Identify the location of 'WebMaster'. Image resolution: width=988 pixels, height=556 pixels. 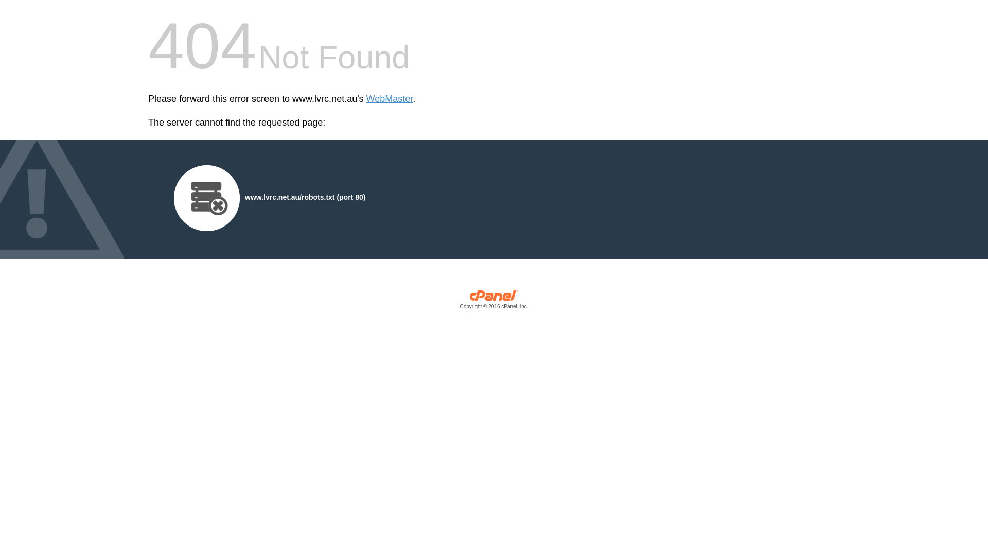
(389, 99).